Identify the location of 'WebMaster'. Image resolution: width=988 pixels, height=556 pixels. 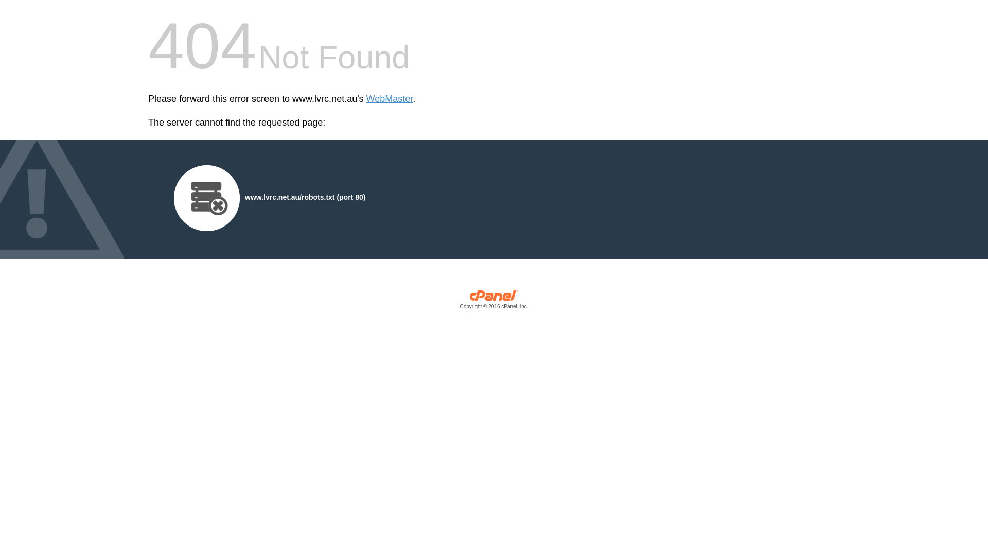
(389, 99).